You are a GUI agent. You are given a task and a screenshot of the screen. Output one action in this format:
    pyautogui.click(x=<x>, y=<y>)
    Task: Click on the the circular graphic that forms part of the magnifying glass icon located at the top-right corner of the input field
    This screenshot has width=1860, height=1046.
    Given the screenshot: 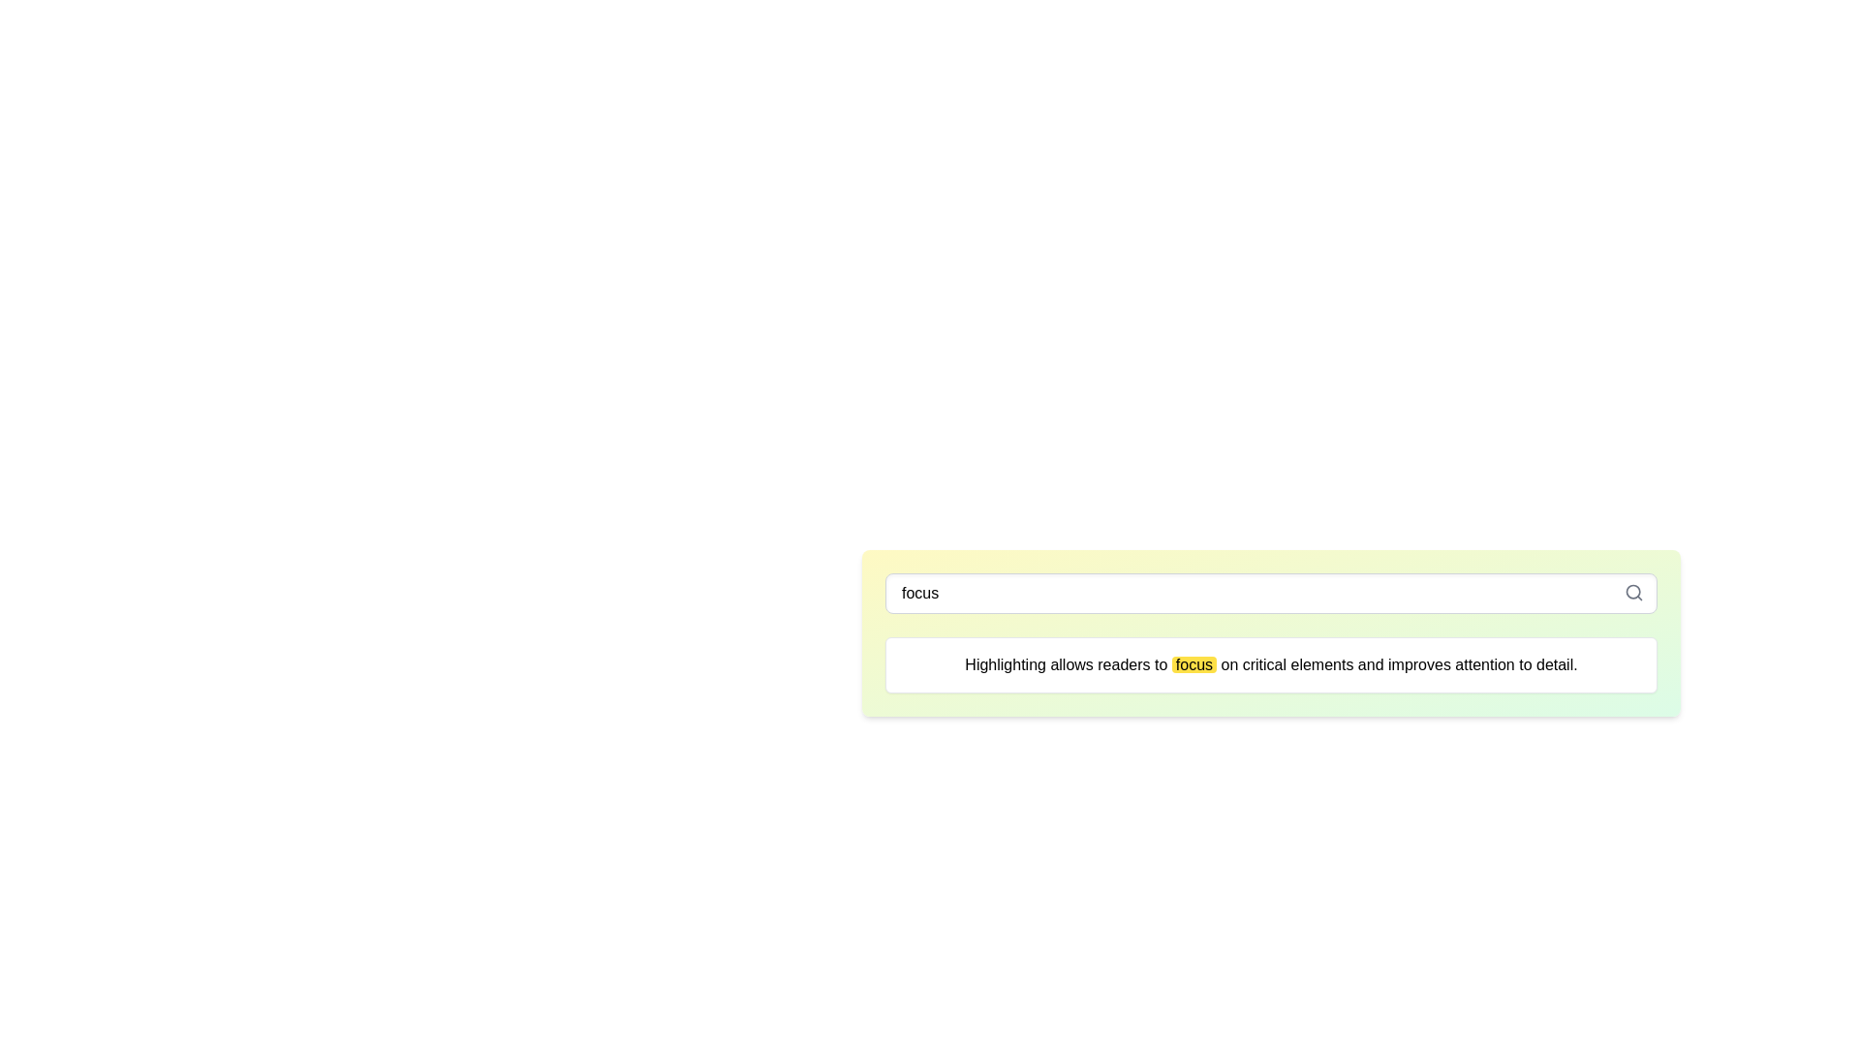 What is the action you would take?
    pyautogui.click(x=1632, y=591)
    